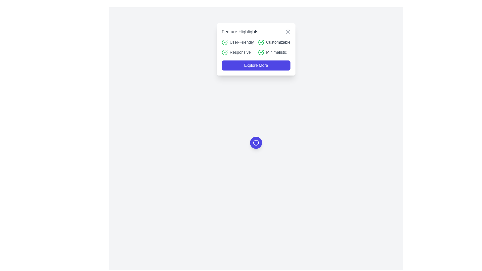 The width and height of the screenshot is (482, 271). Describe the element at coordinates (224, 52) in the screenshot. I see `the visual status indicated by the green checkmark icon in the 'Feature Highlights' section, which is adjacent to the text 'Responsive'` at that location.